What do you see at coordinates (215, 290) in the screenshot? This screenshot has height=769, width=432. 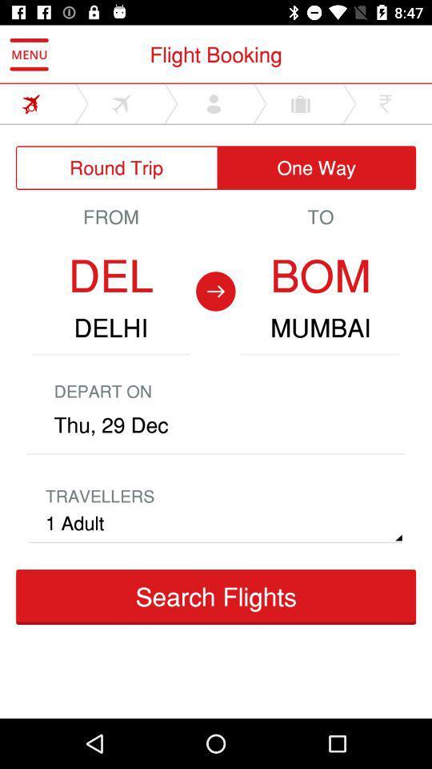 I see `the arrow_forward icon` at bounding box center [215, 290].